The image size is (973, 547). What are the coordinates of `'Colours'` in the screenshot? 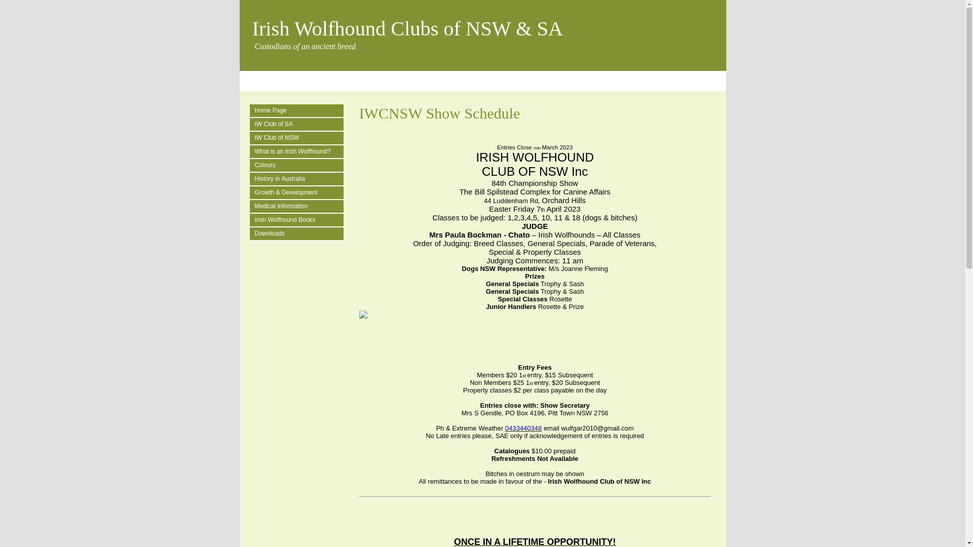 It's located at (298, 165).